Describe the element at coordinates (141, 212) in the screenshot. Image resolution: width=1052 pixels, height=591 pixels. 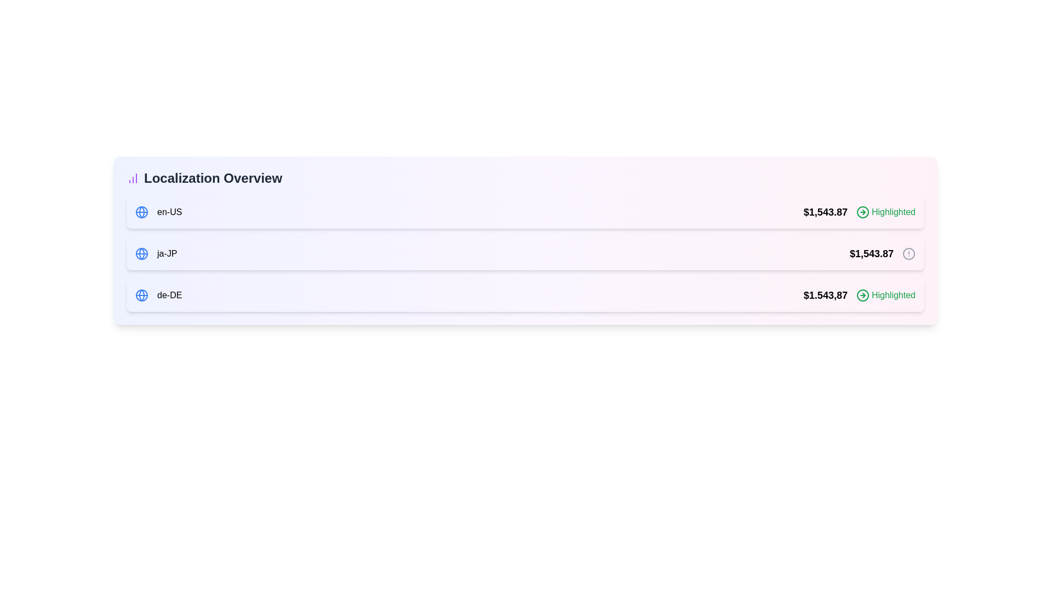
I see `the localization icon that visually represents the language setting, located to the left of the 'en-US' text` at that location.